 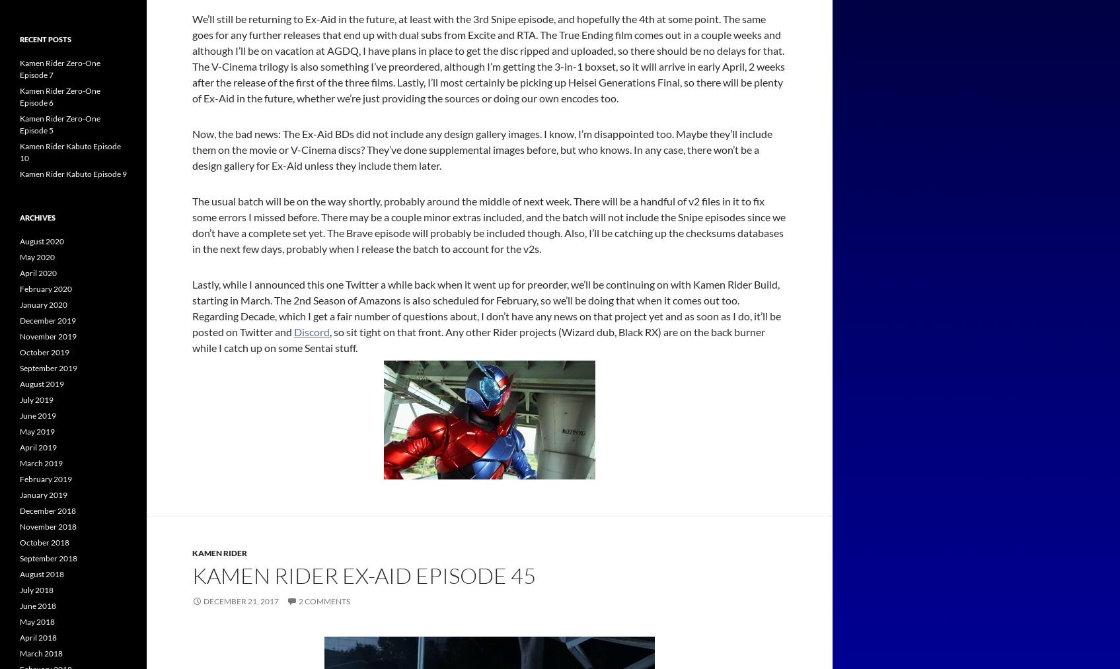 What do you see at coordinates (44, 542) in the screenshot?
I see `'October 2018'` at bounding box center [44, 542].